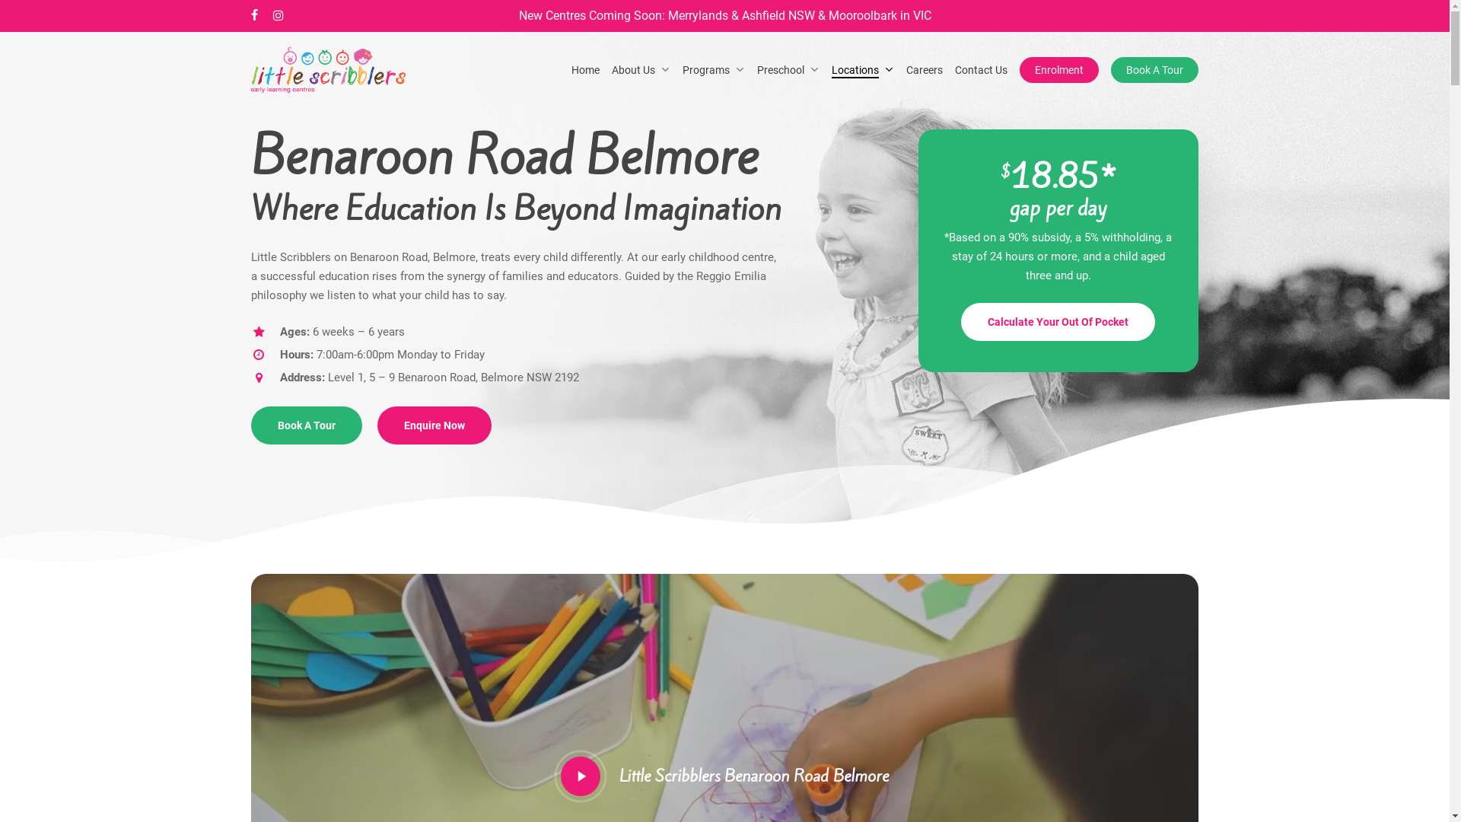 The height and width of the screenshot is (822, 1461). Describe the element at coordinates (862, 70) in the screenshot. I see `'Locations'` at that location.